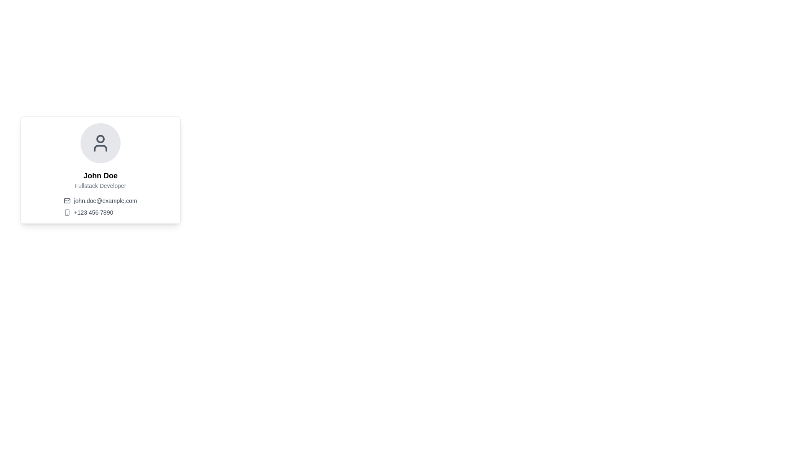  Describe the element at coordinates (93, 212) in the screenshot. I see `the static text displaying contact information, which is positioned to the right of a smartphone icon within a flex layout` at that location.